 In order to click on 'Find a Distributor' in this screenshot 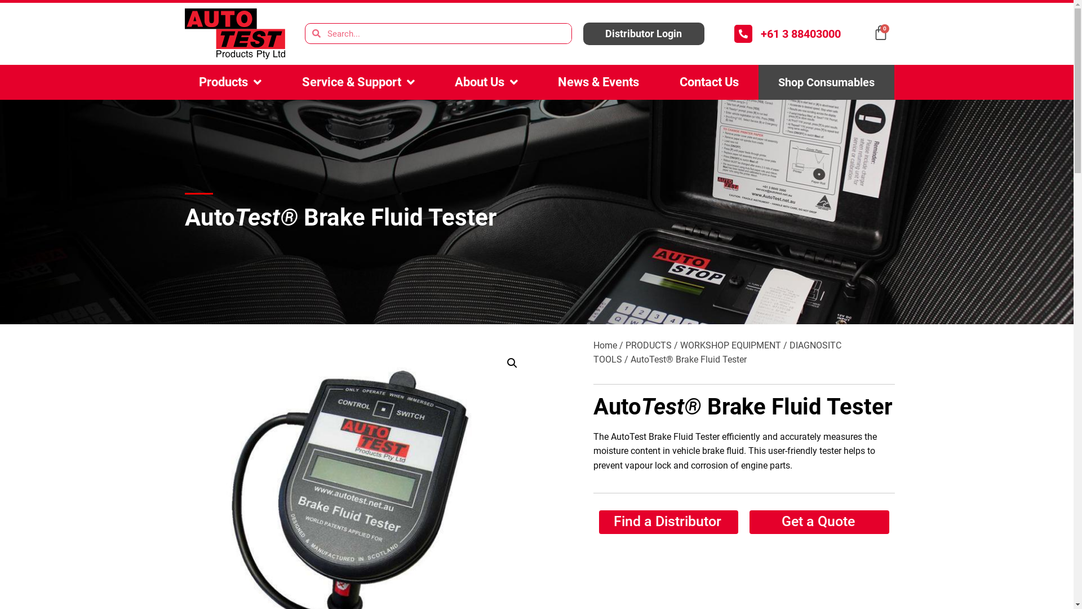, I will do `click(668, 522)`.